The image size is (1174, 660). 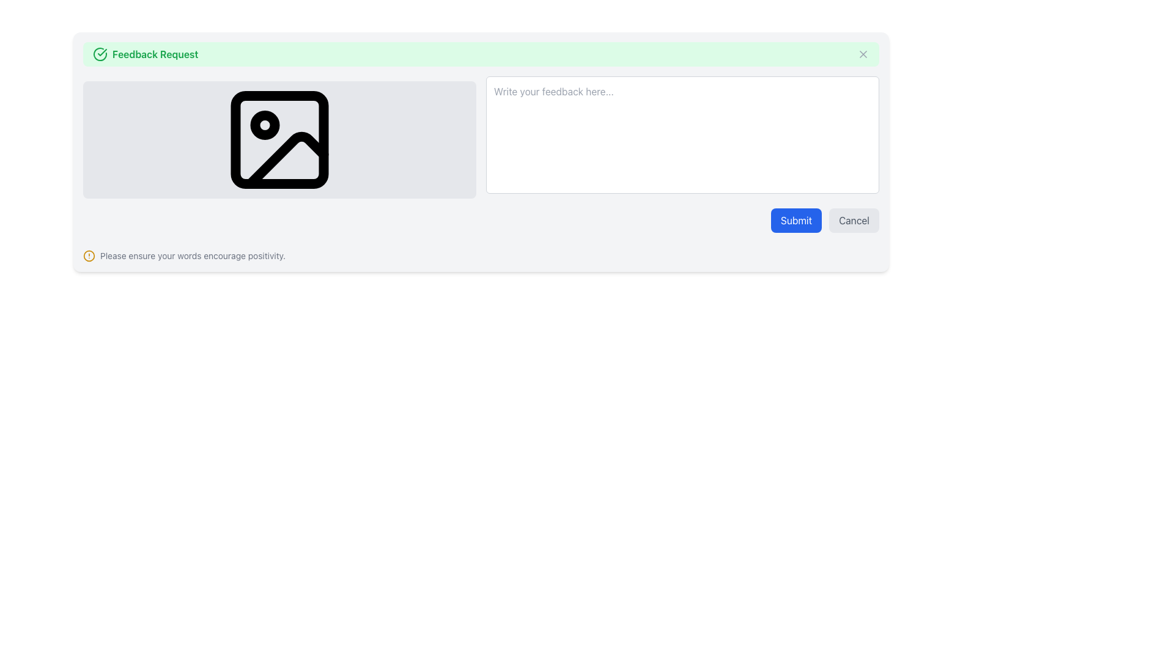 What do you see at coordinates (279, 139) in the screenshot?
I see `the gray square with rounded corners located at the top left corner of the image icon within the feedback pane` at bounding box center [279, 139].